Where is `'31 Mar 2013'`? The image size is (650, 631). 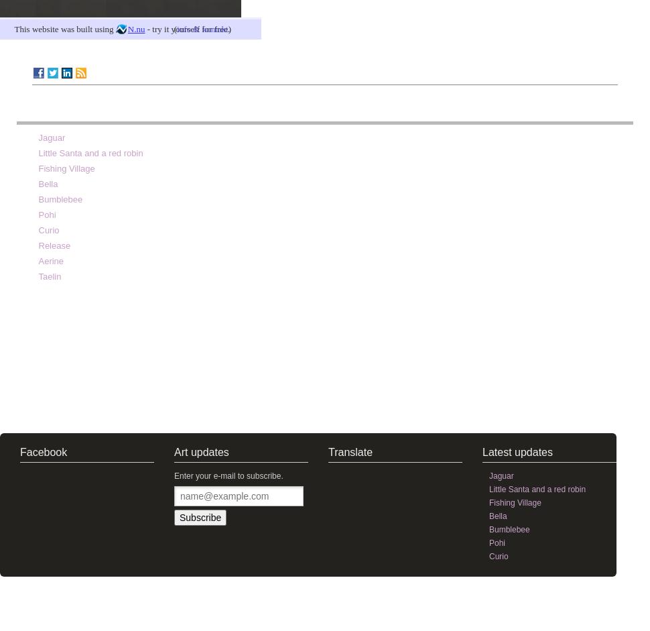
'31 Mar 2013' is located at coordinates (595, 72).